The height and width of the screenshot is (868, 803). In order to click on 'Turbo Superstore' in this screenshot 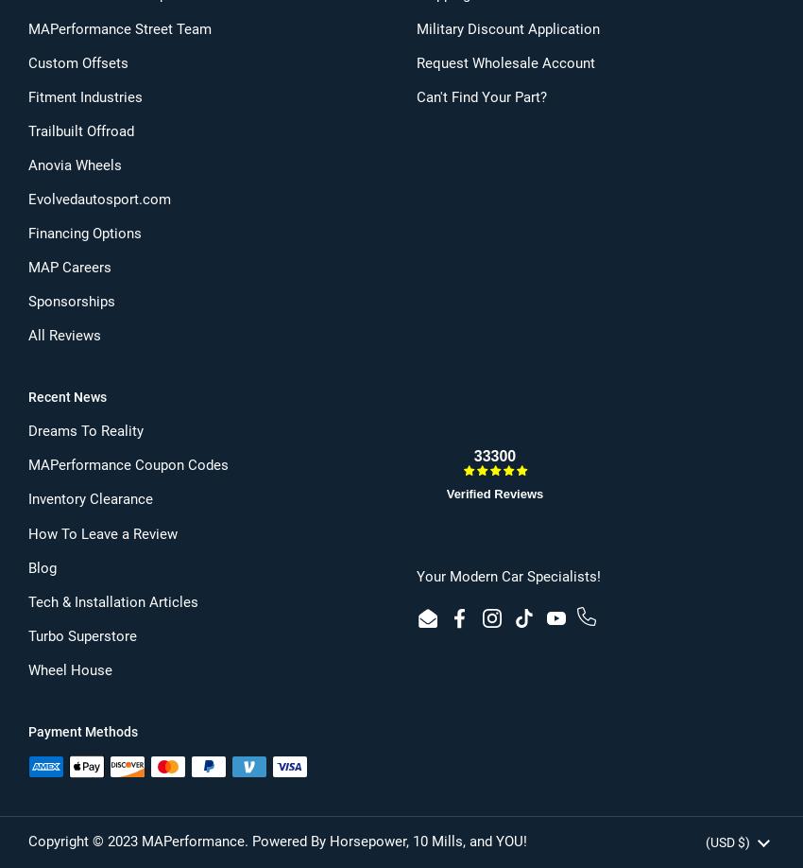, I will do `click(81, 634)`.